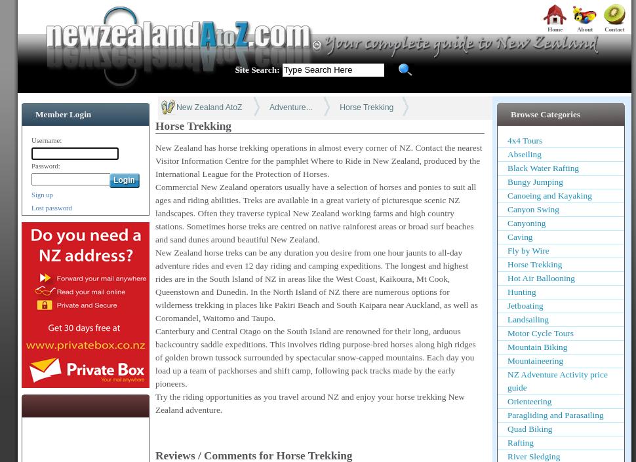 The image size is (636, 462). Describe the element at coordinates (604, 28) in the screenshot. I see `'Contact'` at that location.